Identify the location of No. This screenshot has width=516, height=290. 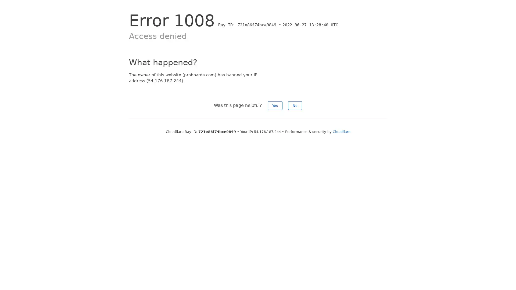
(295, 105).